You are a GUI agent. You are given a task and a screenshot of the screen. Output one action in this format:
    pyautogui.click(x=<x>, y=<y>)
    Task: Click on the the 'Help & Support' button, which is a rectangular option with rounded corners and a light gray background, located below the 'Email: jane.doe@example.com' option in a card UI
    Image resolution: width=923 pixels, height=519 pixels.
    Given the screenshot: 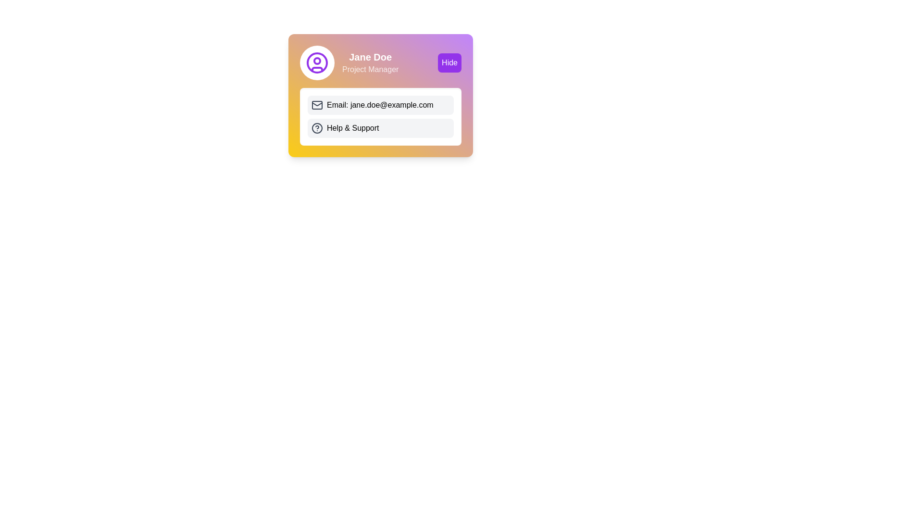 What is the action you would take?
    pyautogui.click(x=380, y=127)
    